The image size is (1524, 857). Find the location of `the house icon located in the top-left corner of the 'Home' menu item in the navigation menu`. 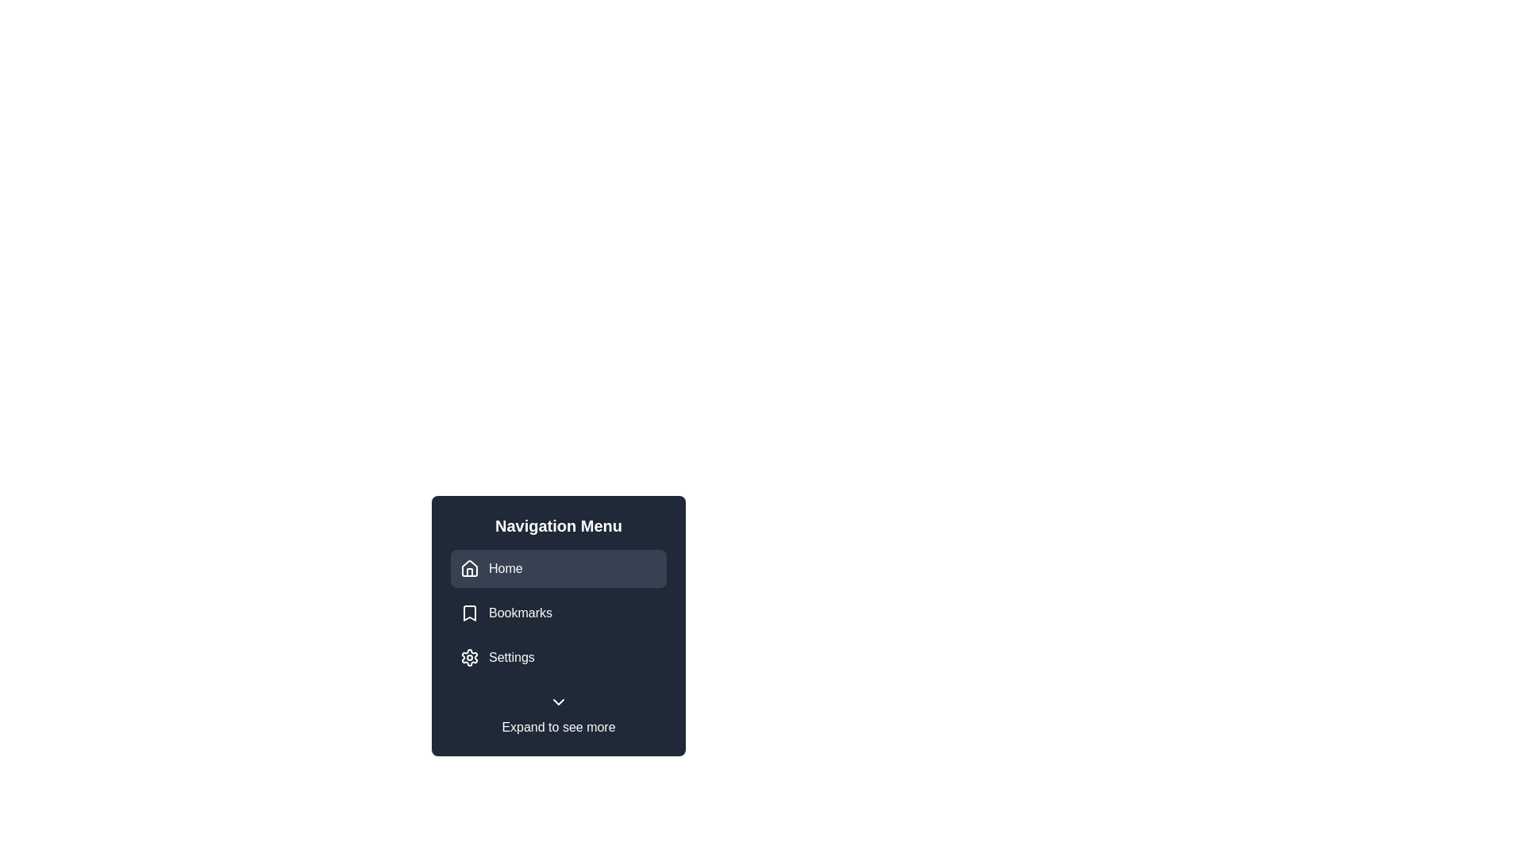

the house icon located in the top-left corner of the 'Home' menu item in the navigation menu is located at coordinates (468, 568).